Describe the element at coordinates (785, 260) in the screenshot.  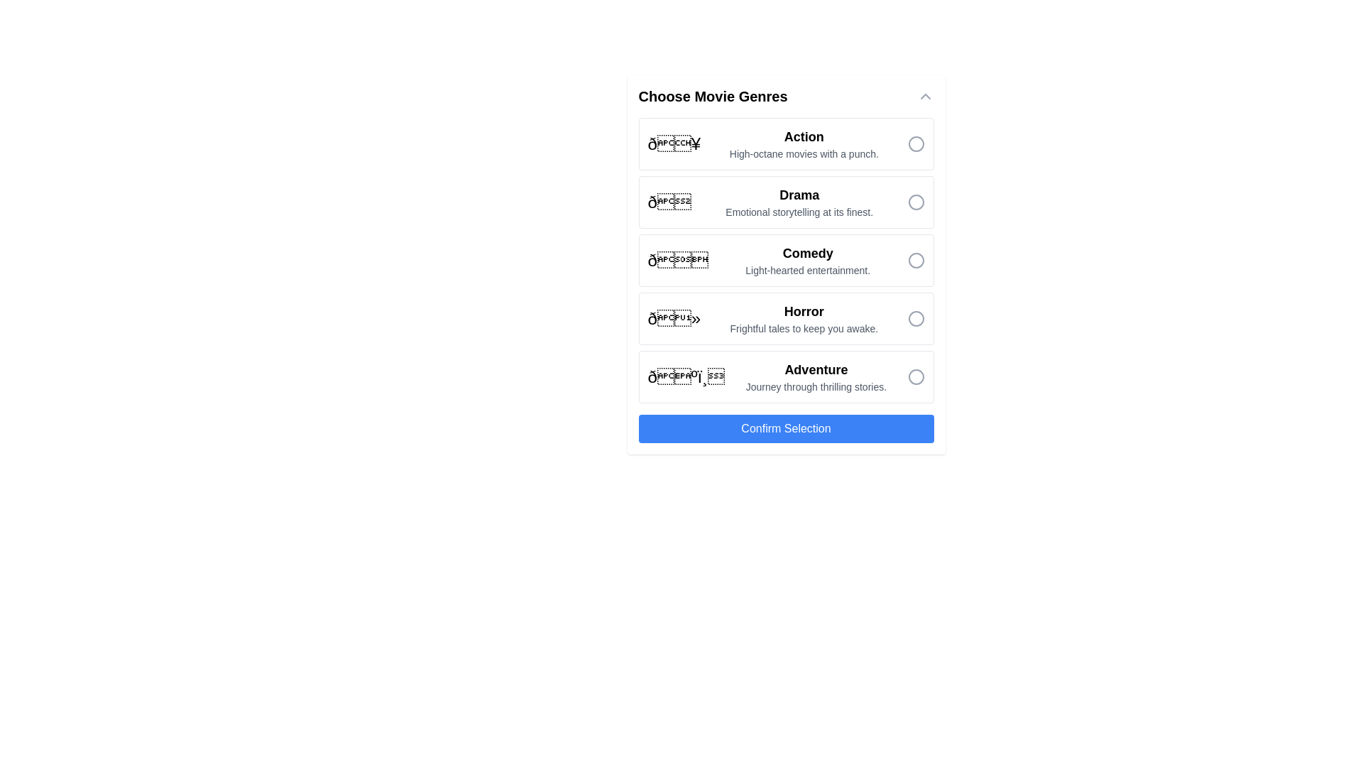
I see `text description of the 'Comedy' genre radio button, which is the third item in the vertical list of movie genres` at that location.